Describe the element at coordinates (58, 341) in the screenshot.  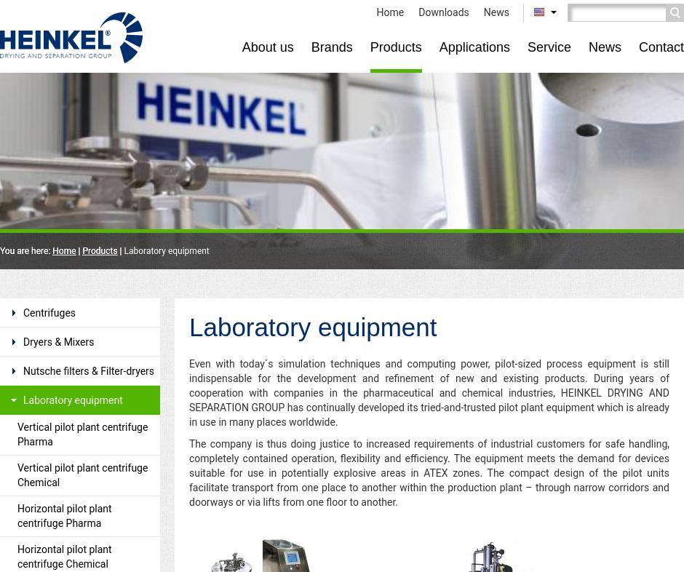
I see `'Dryers & Mixers'` at that location.